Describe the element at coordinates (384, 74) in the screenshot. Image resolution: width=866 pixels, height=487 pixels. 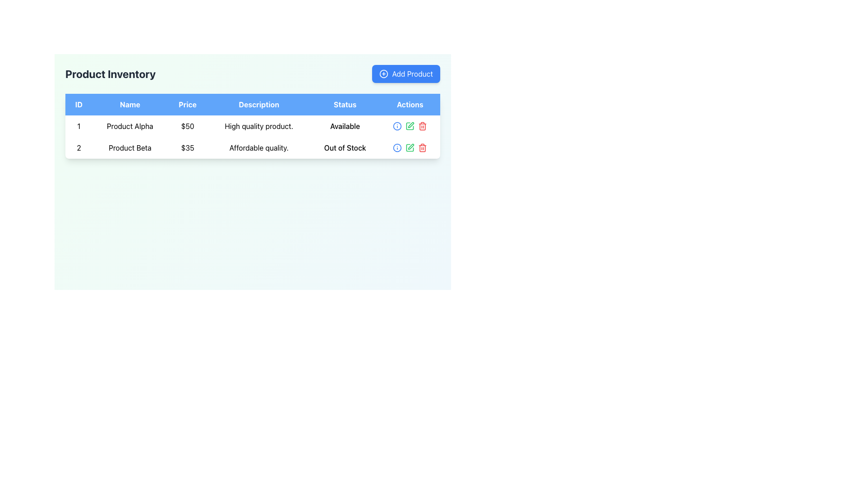
I see `the circular icon within the 'Add Product' button located in the top-right region of the interface` at that location.